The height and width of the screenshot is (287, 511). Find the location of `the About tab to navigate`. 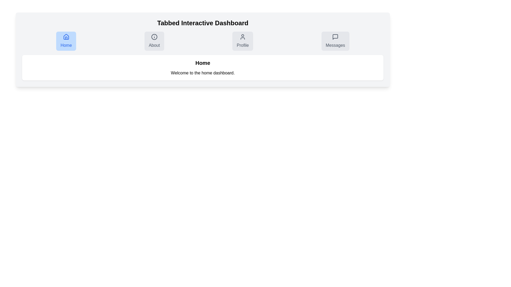

the About tab to navigate is located at coordinates (154, 41).